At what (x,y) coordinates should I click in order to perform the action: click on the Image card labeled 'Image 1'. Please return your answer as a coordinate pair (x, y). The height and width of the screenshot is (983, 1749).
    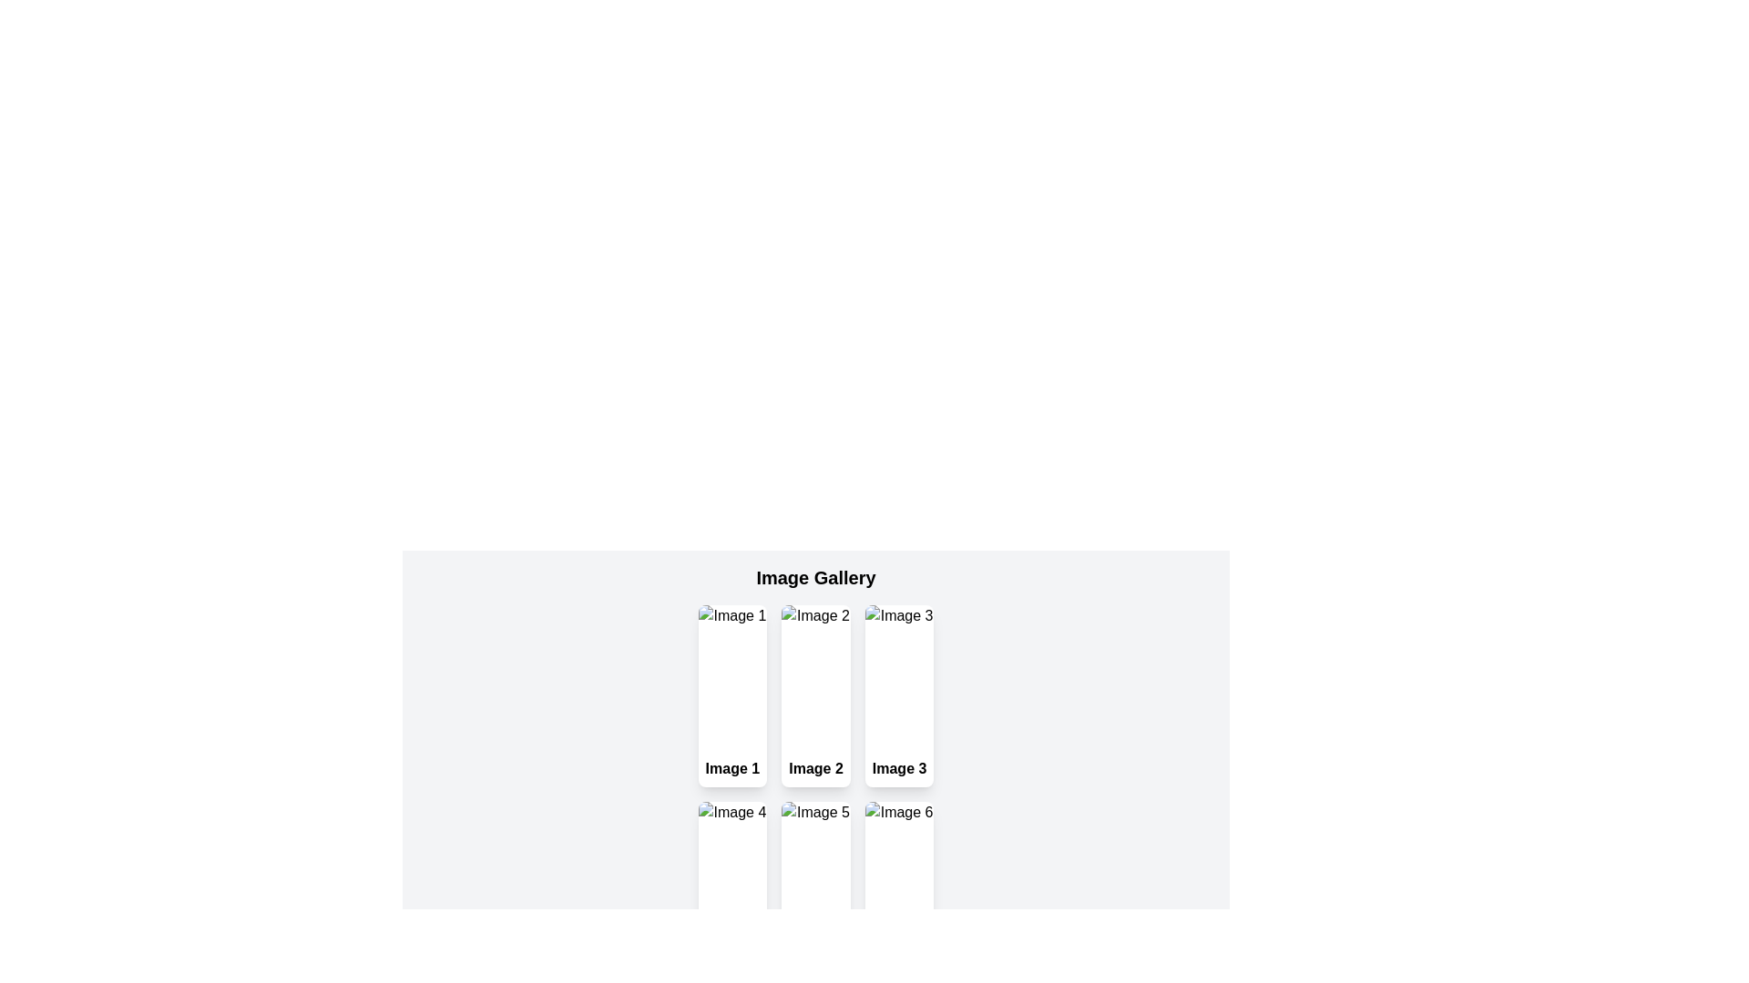
    Looking at the image, I should click on (732, 695).